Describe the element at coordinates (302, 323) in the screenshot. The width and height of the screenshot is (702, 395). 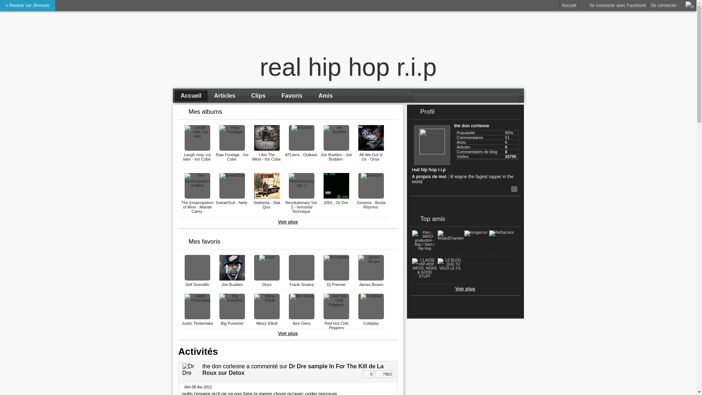
I see `'Bee Gees'` at that location.